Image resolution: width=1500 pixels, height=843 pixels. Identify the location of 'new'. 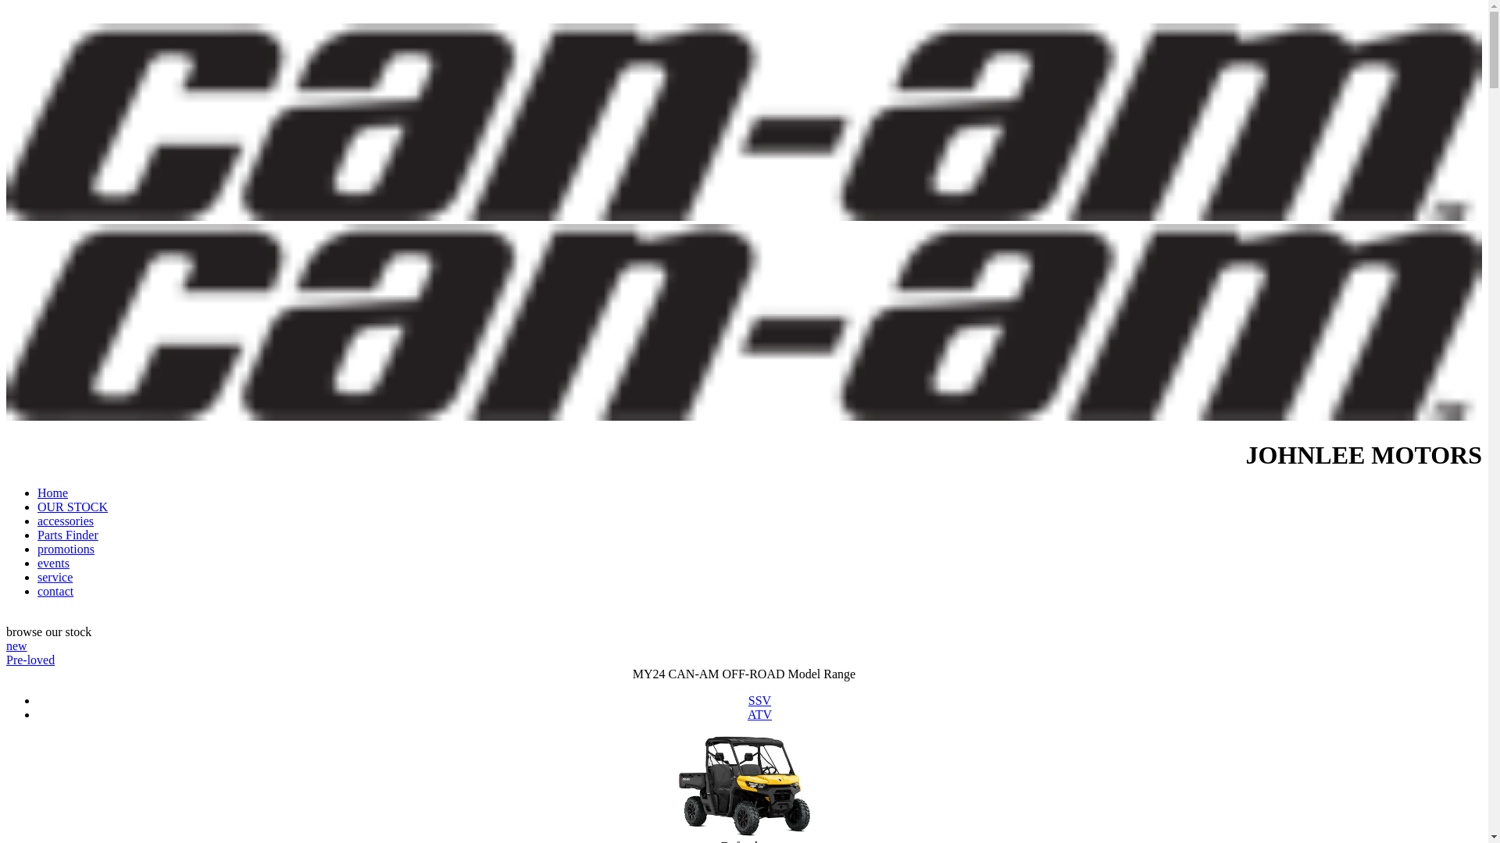
(16, 646).